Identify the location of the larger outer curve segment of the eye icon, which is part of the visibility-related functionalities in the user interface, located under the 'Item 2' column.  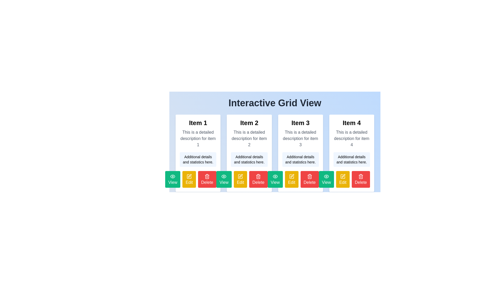
(224, 176).